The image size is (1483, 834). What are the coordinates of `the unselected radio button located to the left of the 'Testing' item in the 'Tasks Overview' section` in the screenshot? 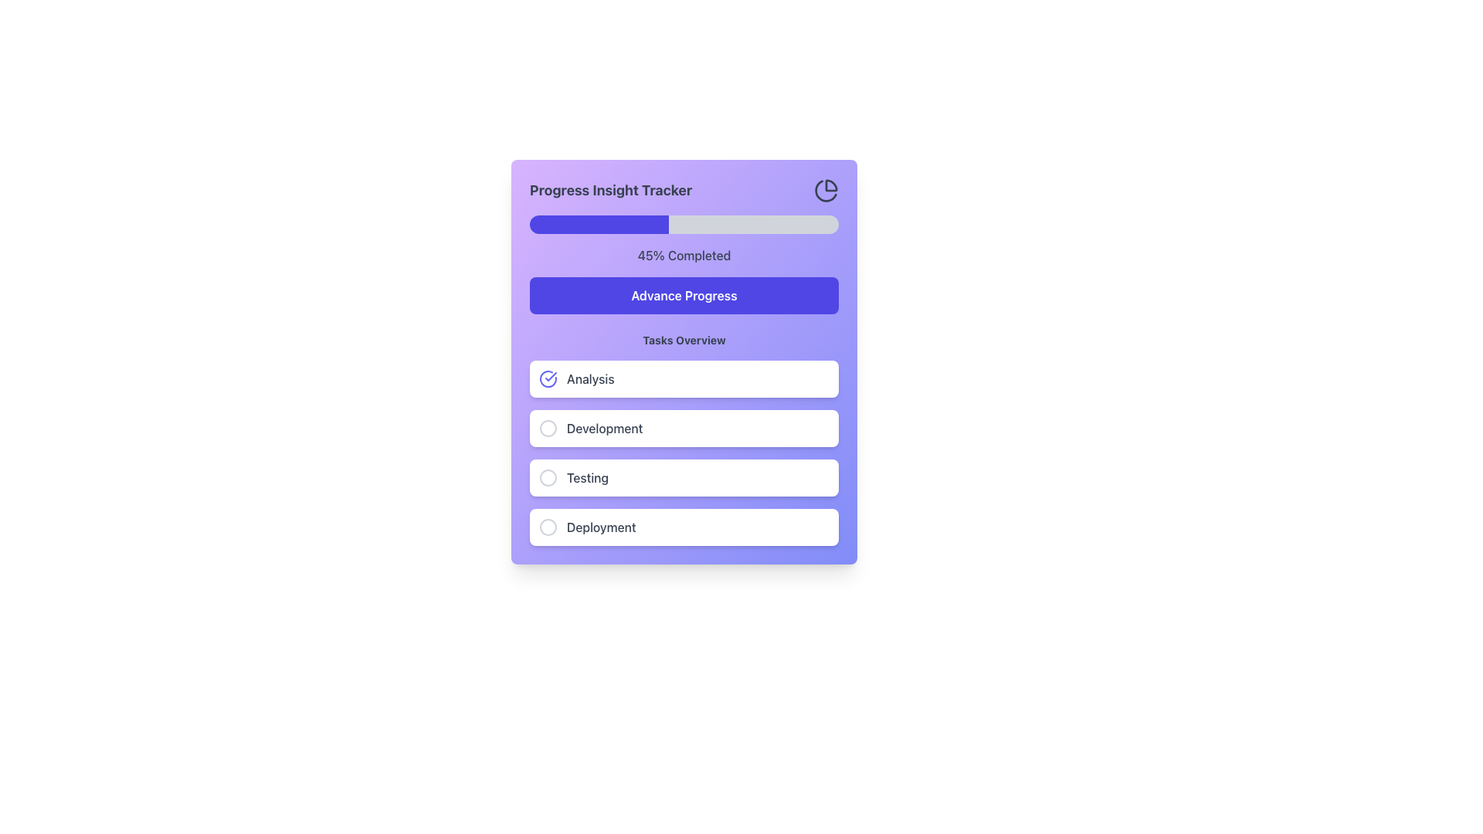 It's located at (548, 476).